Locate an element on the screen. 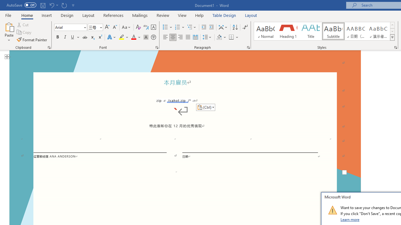 Image resolution: width=401 pixels, height=225 pixels. 'Undo Paste' is located at coordinates (51, 5).